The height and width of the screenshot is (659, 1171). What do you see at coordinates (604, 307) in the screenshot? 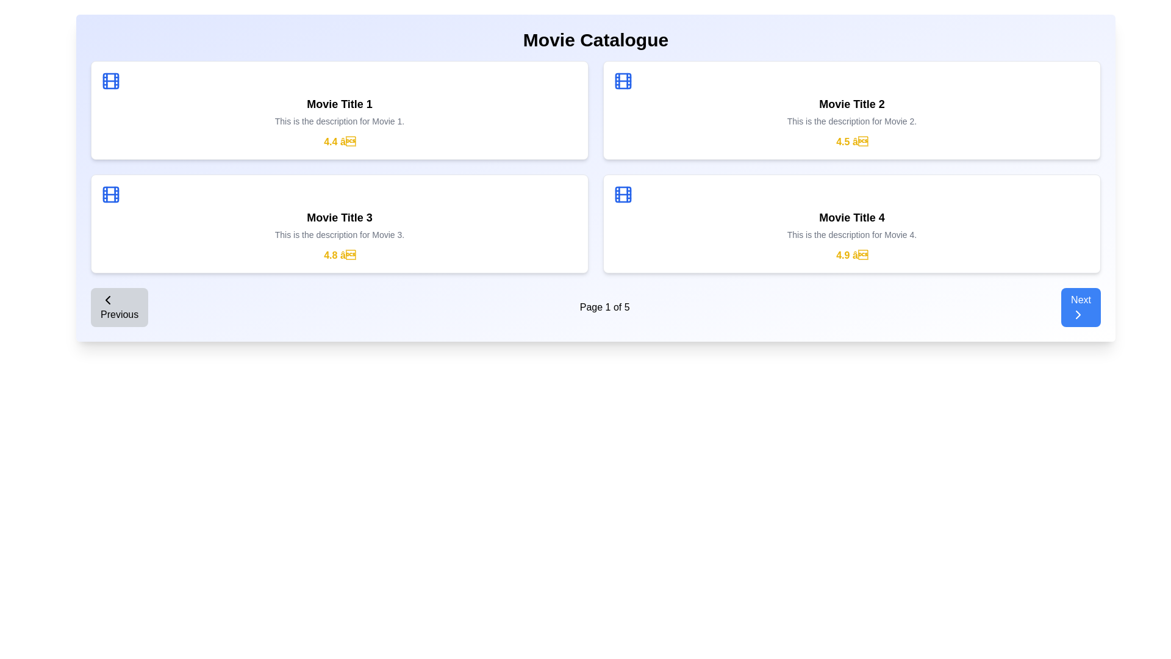
I see `the static text label indicating the current page and total number of pages in the pagination control strip below the movie entries grid` at bounding box center [604, 307].